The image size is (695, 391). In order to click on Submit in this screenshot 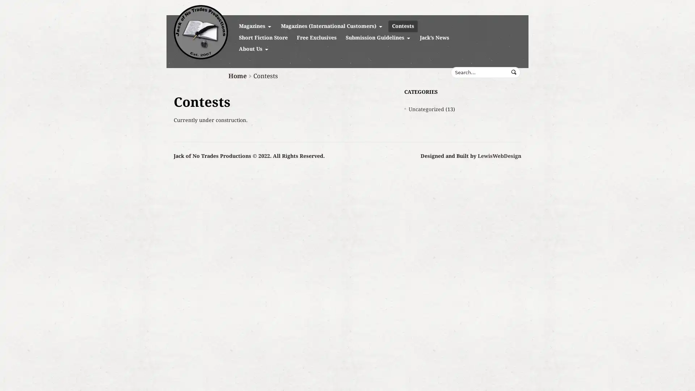, I will do `click(514, 72)`.